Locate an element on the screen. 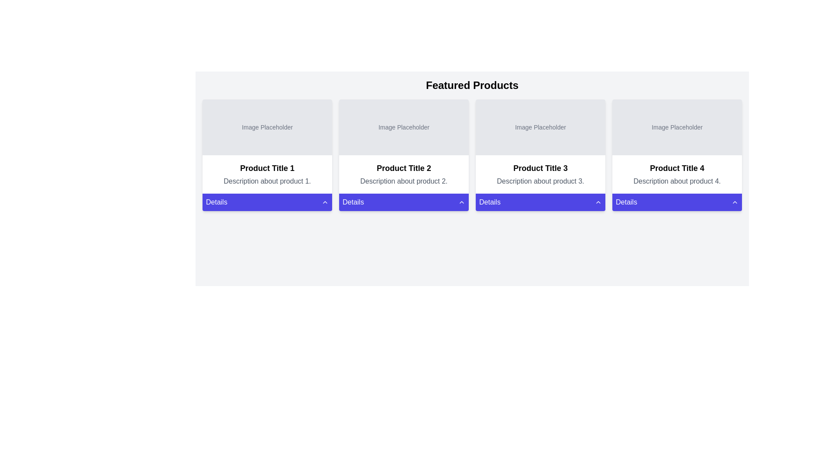 The height and width of the screenshot is (471, 838). the upward-pointing chevron arrow icon located in the bottom-right corner of the Details button of the fourth product card ('Product Title 4') to receive interaction feedback is located at coordinates (735, 202).